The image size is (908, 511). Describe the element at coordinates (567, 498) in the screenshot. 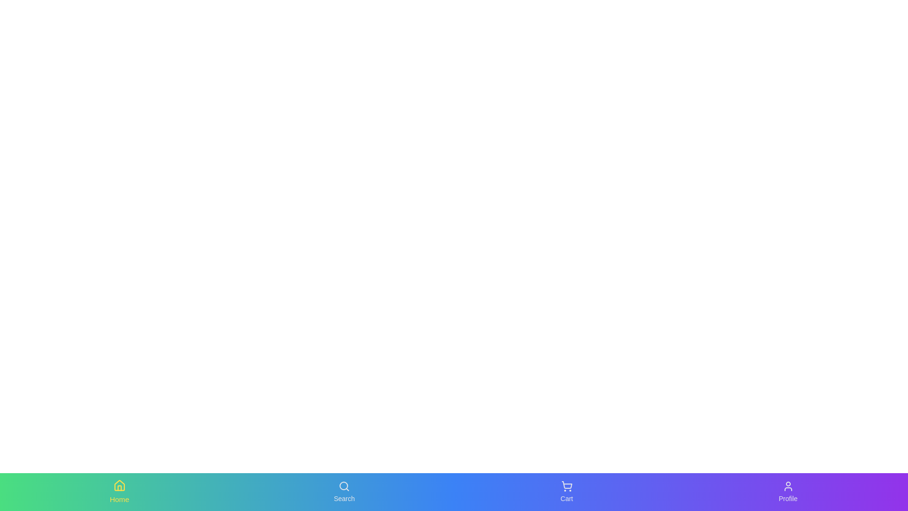

I see `the 'Cart' text label element, which is displayed in a small font size below a shopping cart icon, located on the far right side of the bottom navigation bar` at that location.